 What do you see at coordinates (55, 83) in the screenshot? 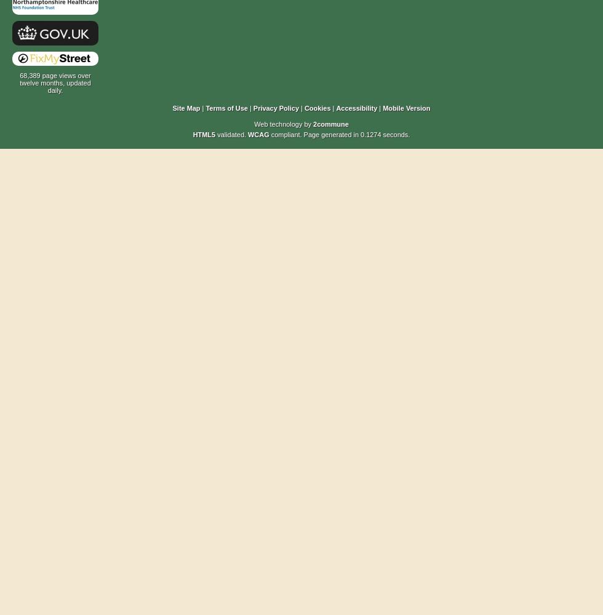
I see `'68,389 page views over twelve months, updated daily.'` at bounding box center [55, 83].